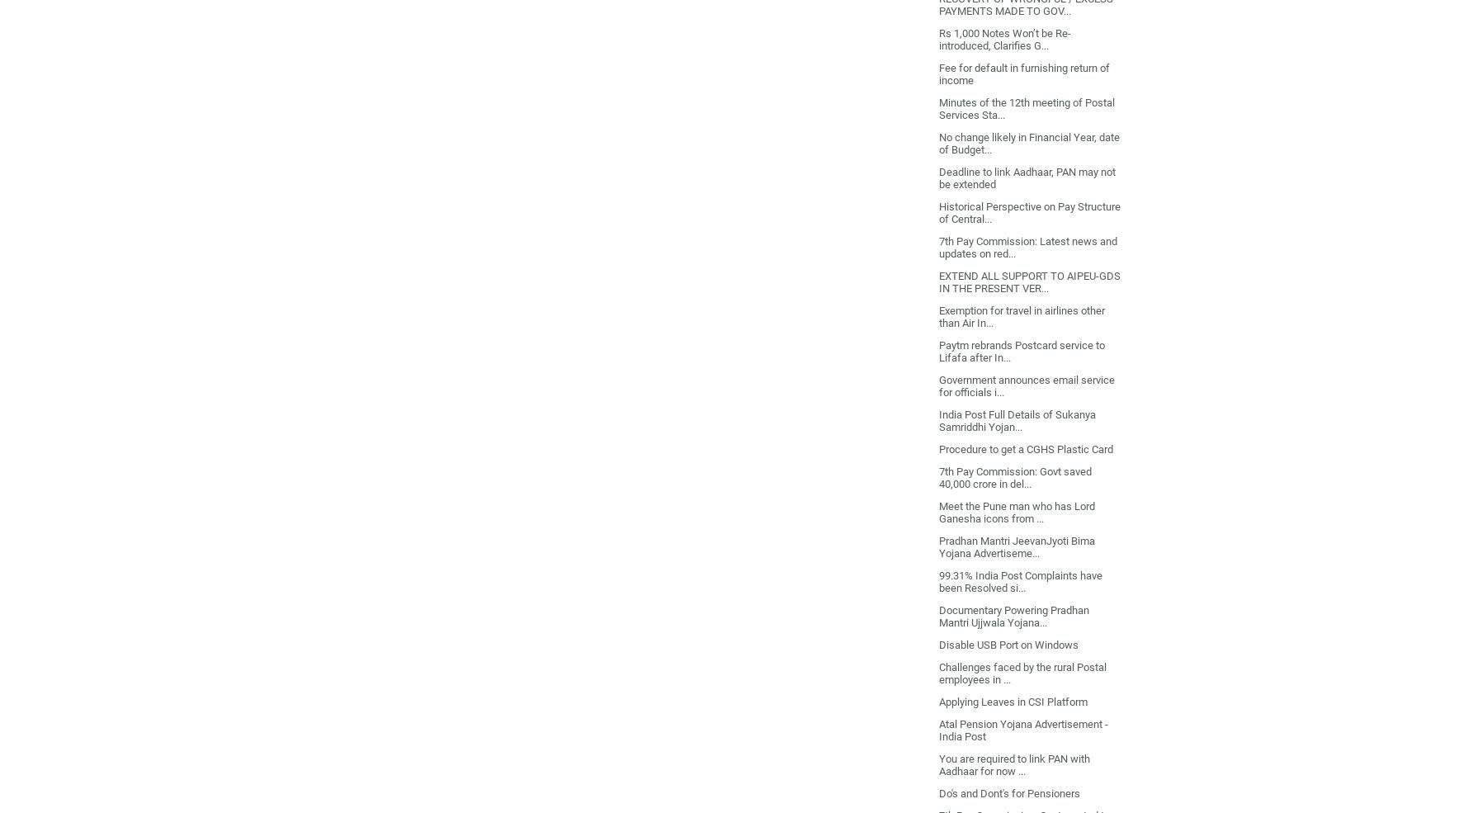 Image resolution: width=1473 pixels, height=813 pixels. I want to click on 'Rs 1,000 Notes Won’t be Re-introduced, Clarifies G...', so click(1003, 37).